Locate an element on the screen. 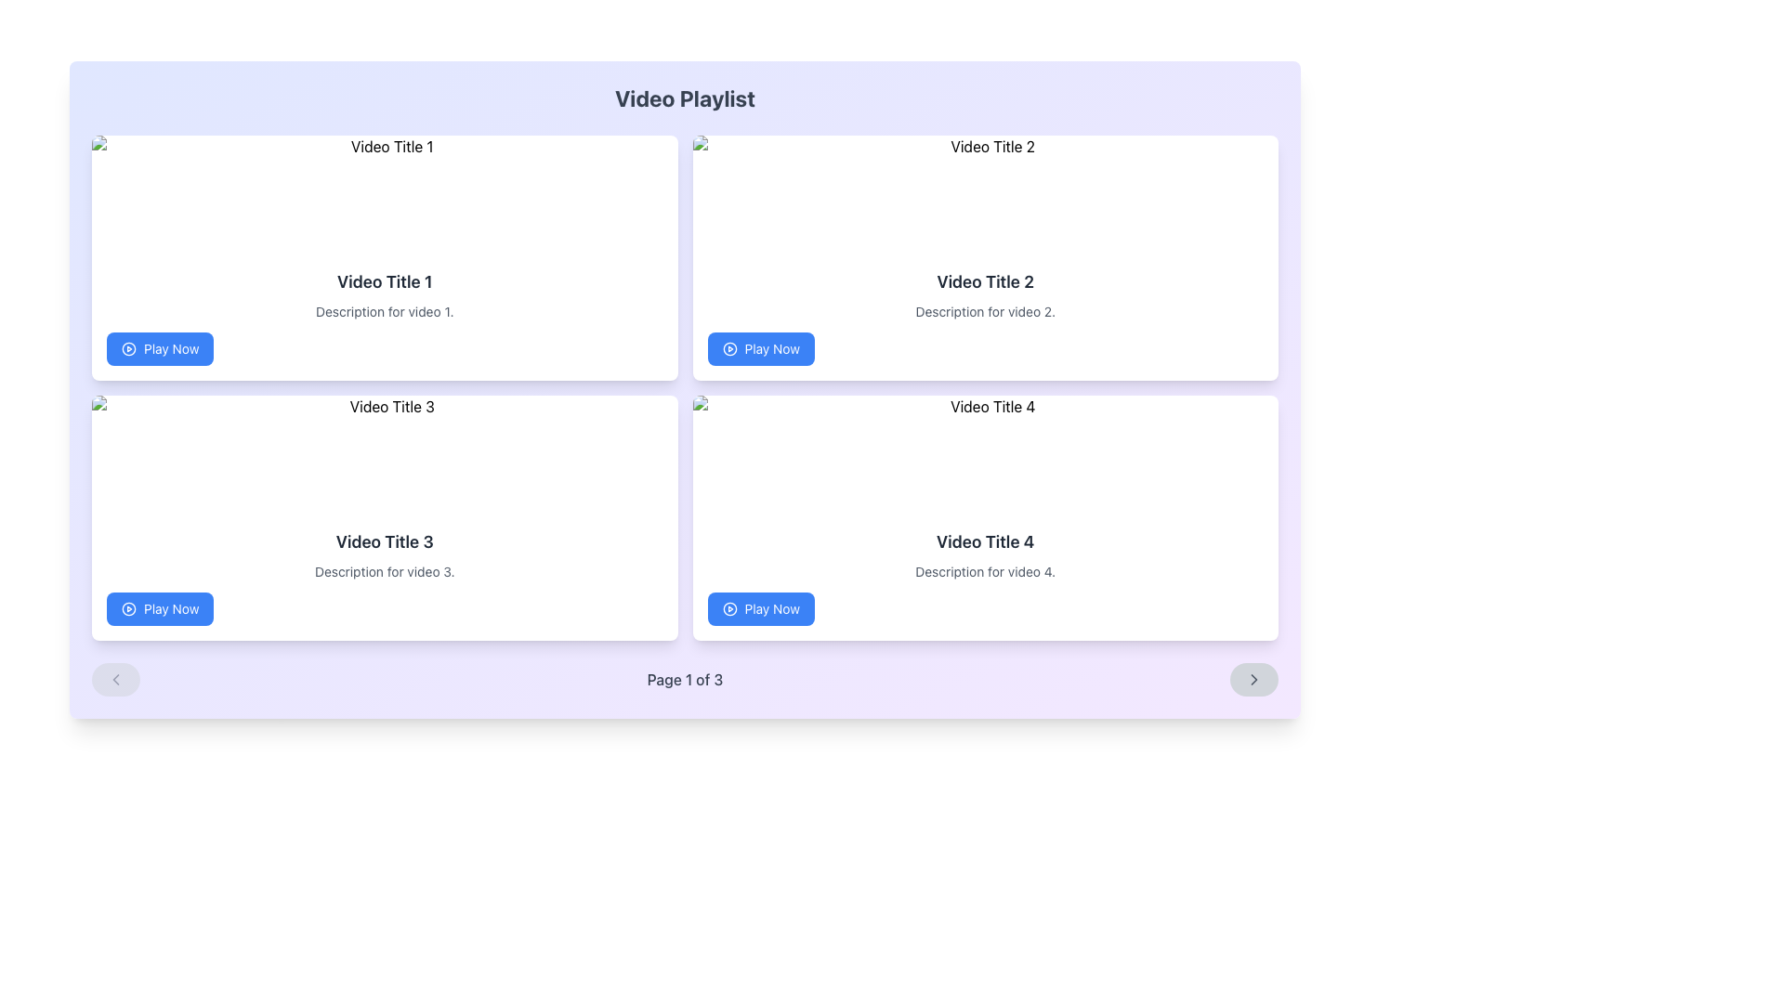 The width and height of the screenshot is (1784, 1003). the button located in the bottom-left area of the first video card labeled 'Video Title 1' is located at coordinates (160, 348).